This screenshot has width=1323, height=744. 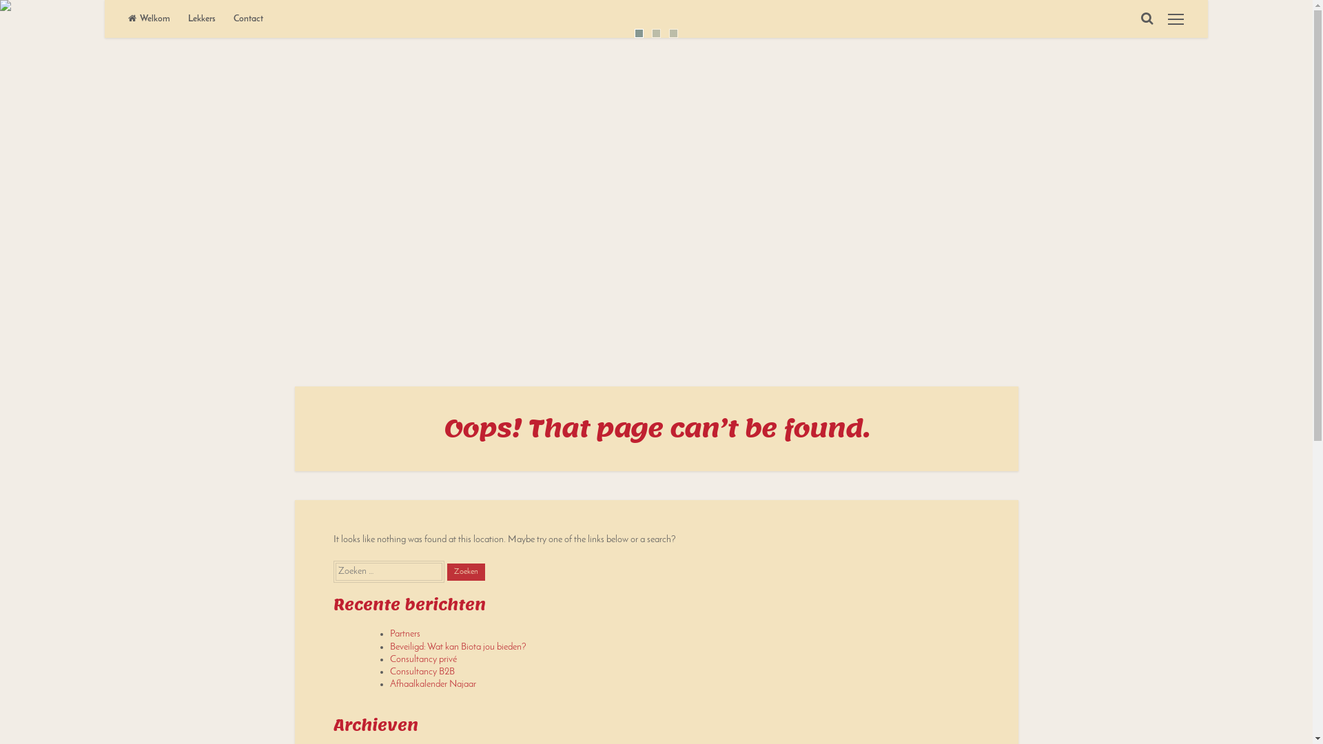 I want to click on 'Partners', so click(x=404, y=634).